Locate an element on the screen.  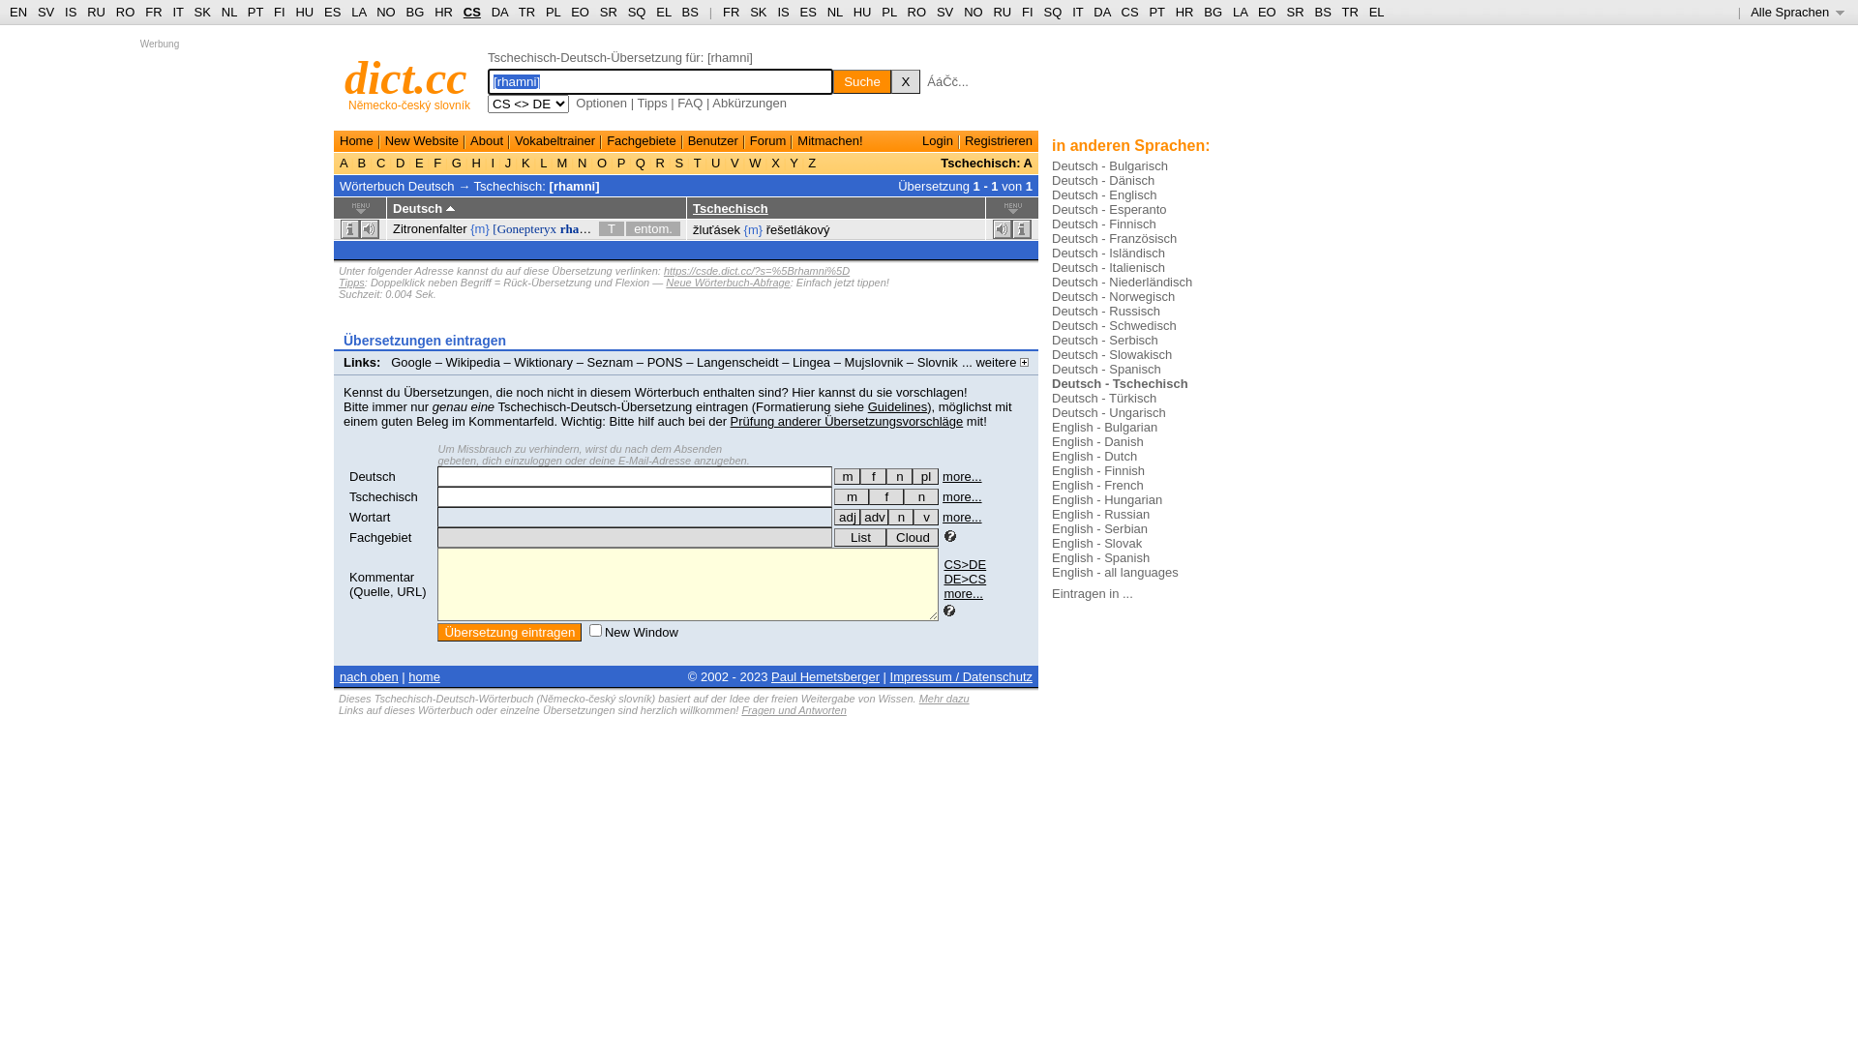
'SR' is located at coordinates (598, 12).